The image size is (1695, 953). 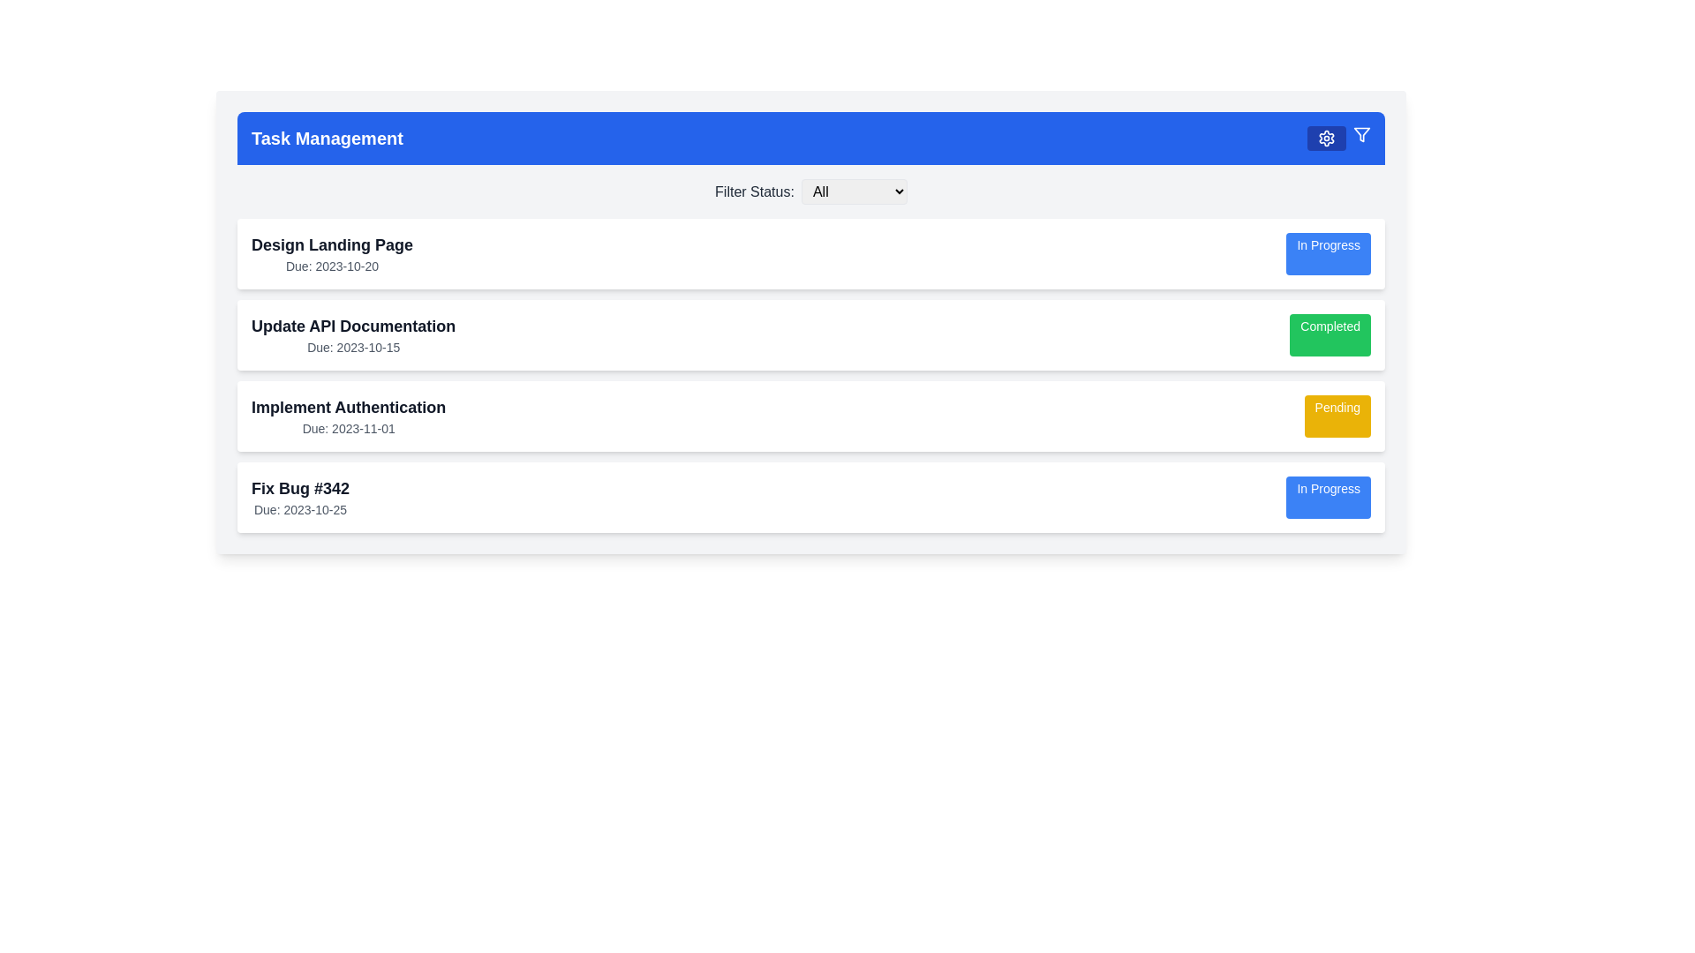 What do you see at coordinates (1326, 138) in the screenshot?
I see `the settings icon located on the right side of the blue horizontal navigation bar` at bounding box center [1326, 138].